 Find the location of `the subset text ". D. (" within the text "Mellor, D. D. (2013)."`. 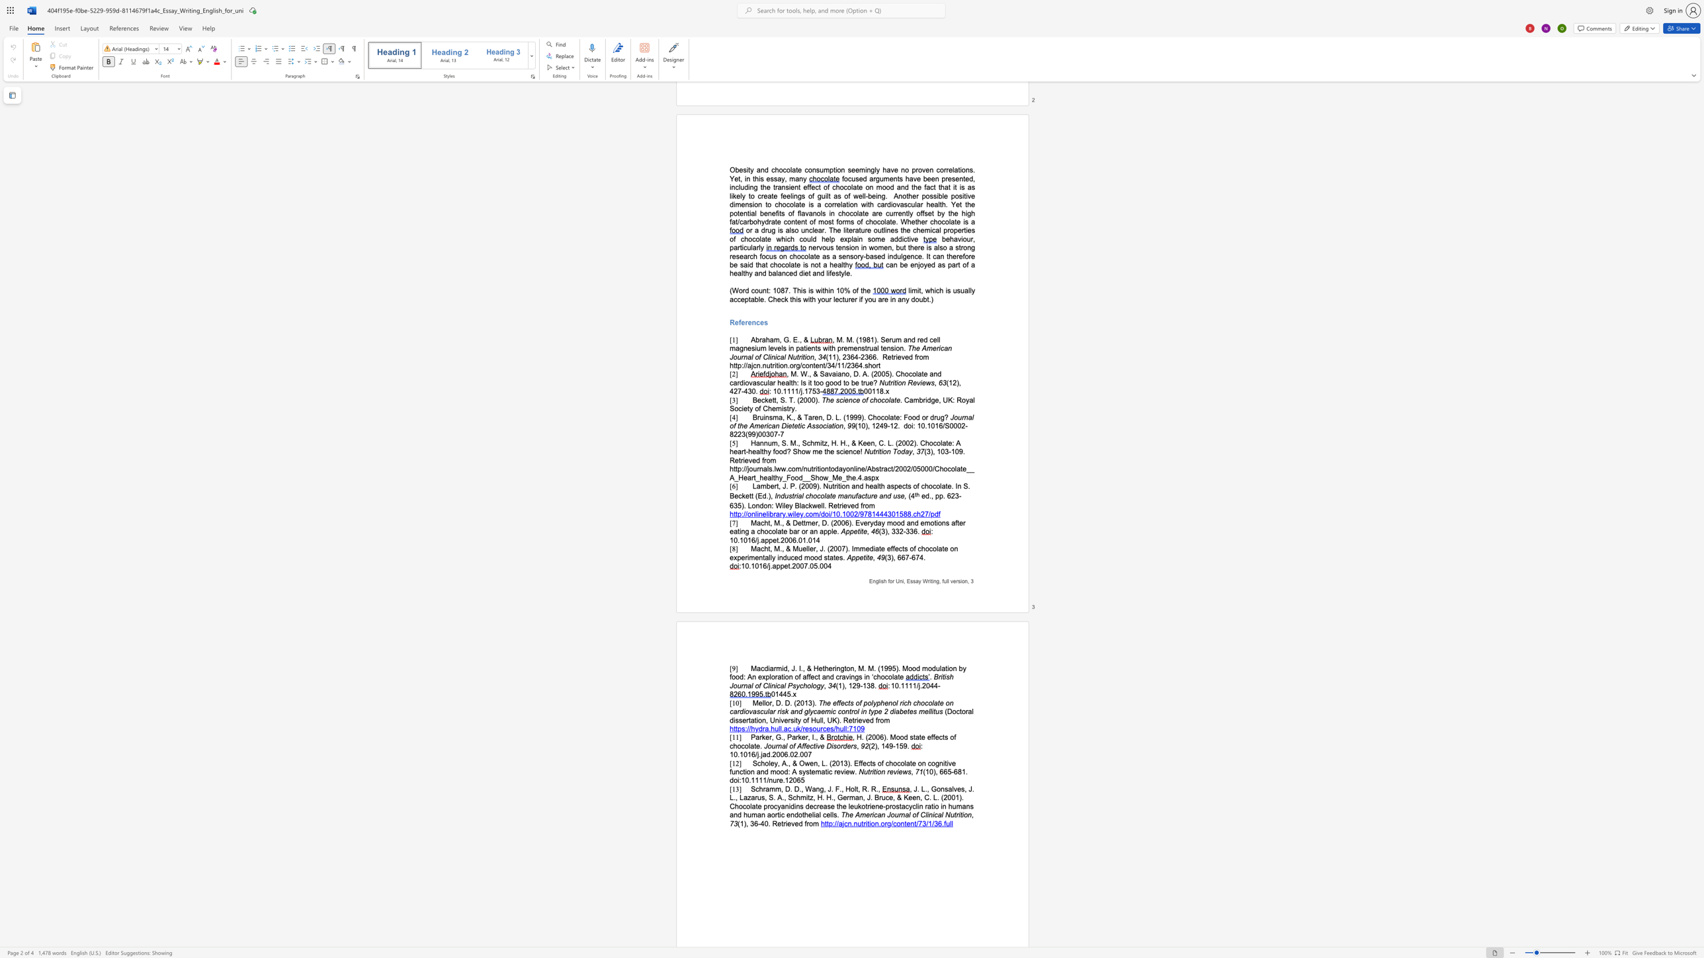

the subset text ". D. (" within the text "Mellor, D. D. (2013)." is located at coordinates (781, 702).